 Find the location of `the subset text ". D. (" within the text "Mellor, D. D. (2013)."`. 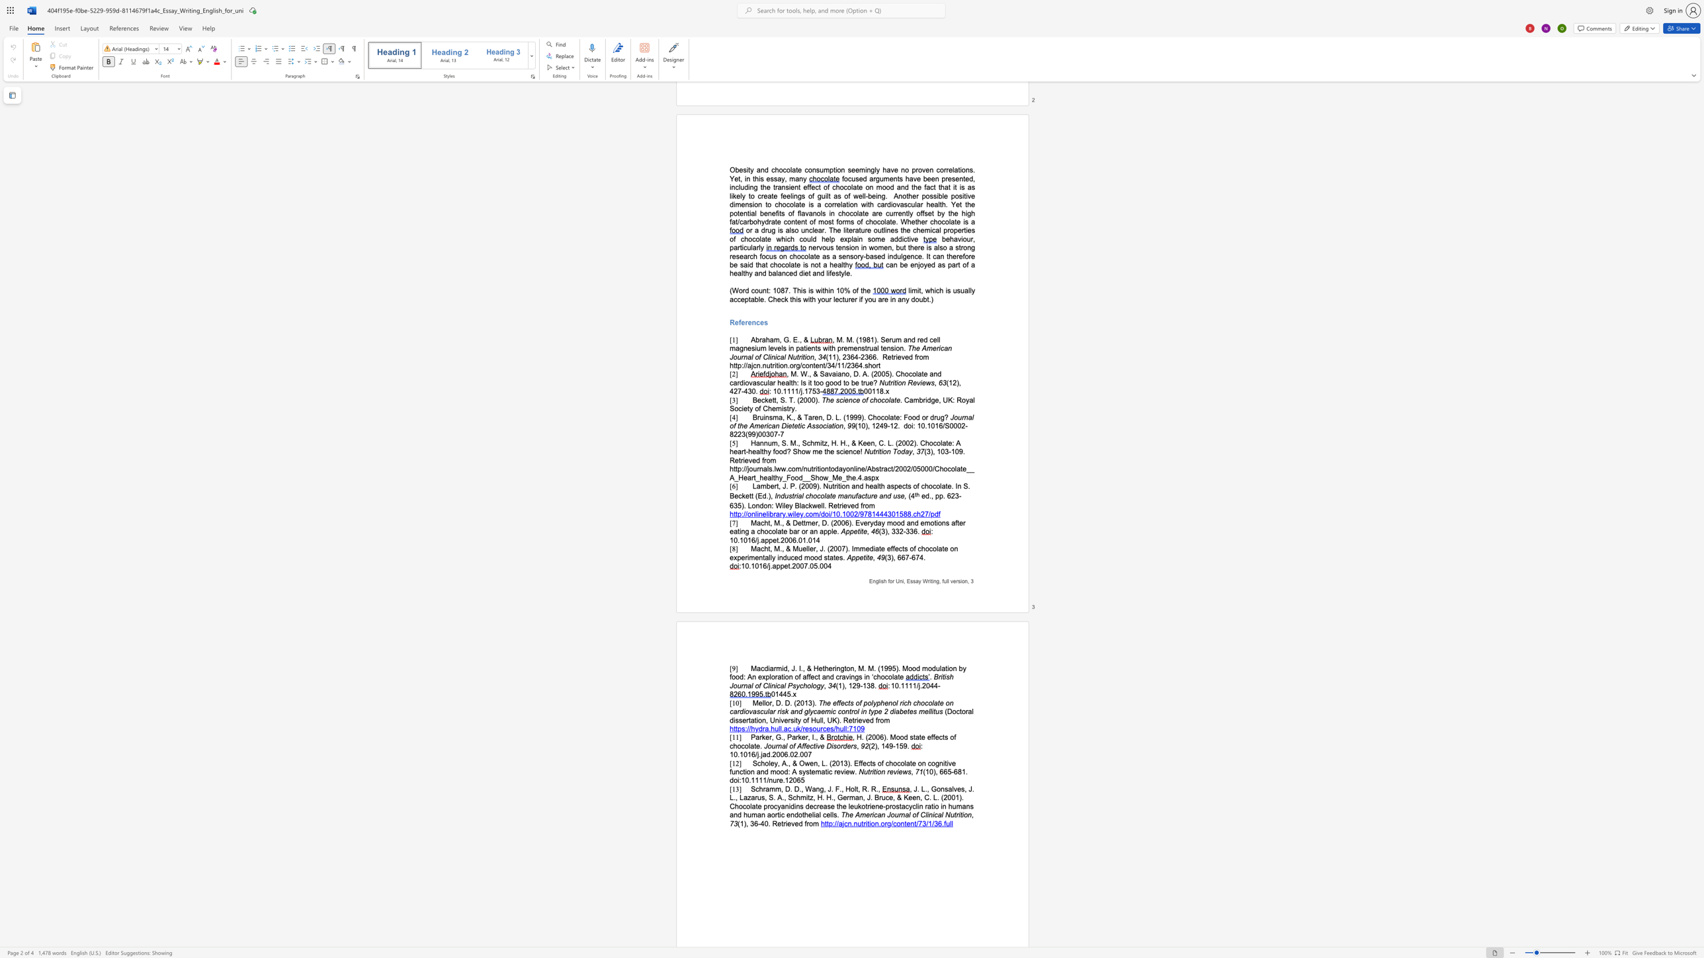

the subset text ". D. (" within the text "Mellor, D. D. (2013)." is located at coordinates (781, 702).